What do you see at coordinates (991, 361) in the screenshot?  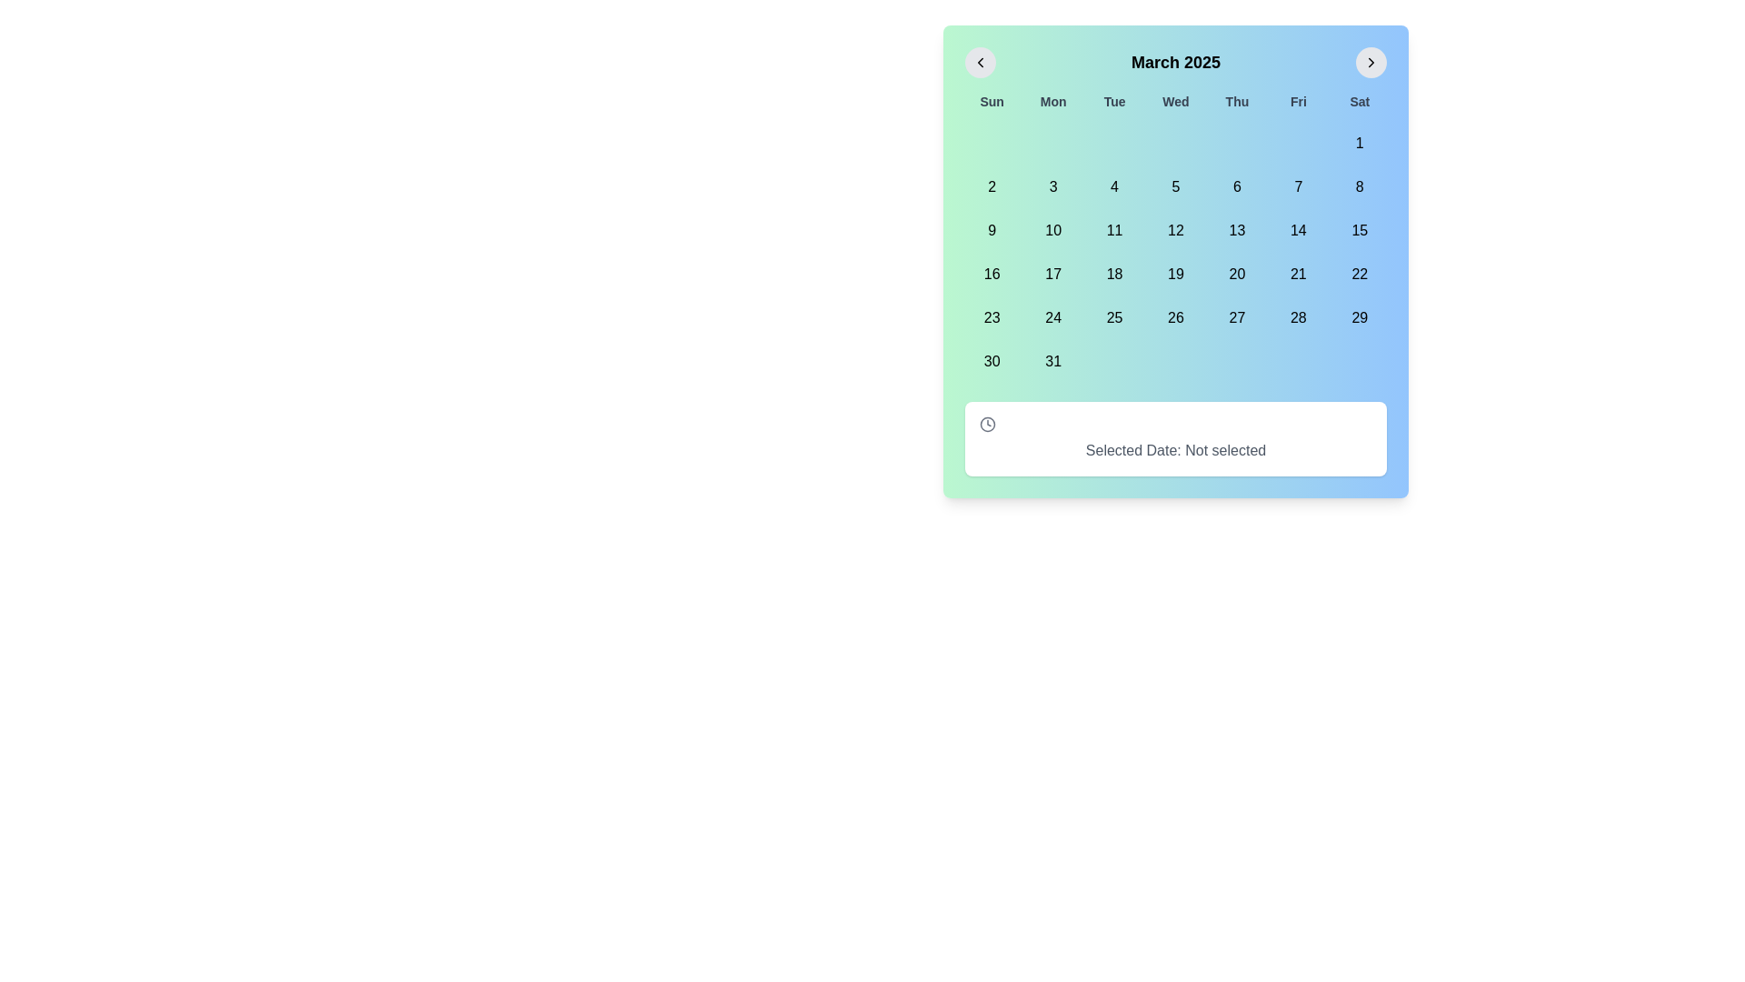 I see `the button labeled '30' in the calendar interface` at bounding box center [991, 361].